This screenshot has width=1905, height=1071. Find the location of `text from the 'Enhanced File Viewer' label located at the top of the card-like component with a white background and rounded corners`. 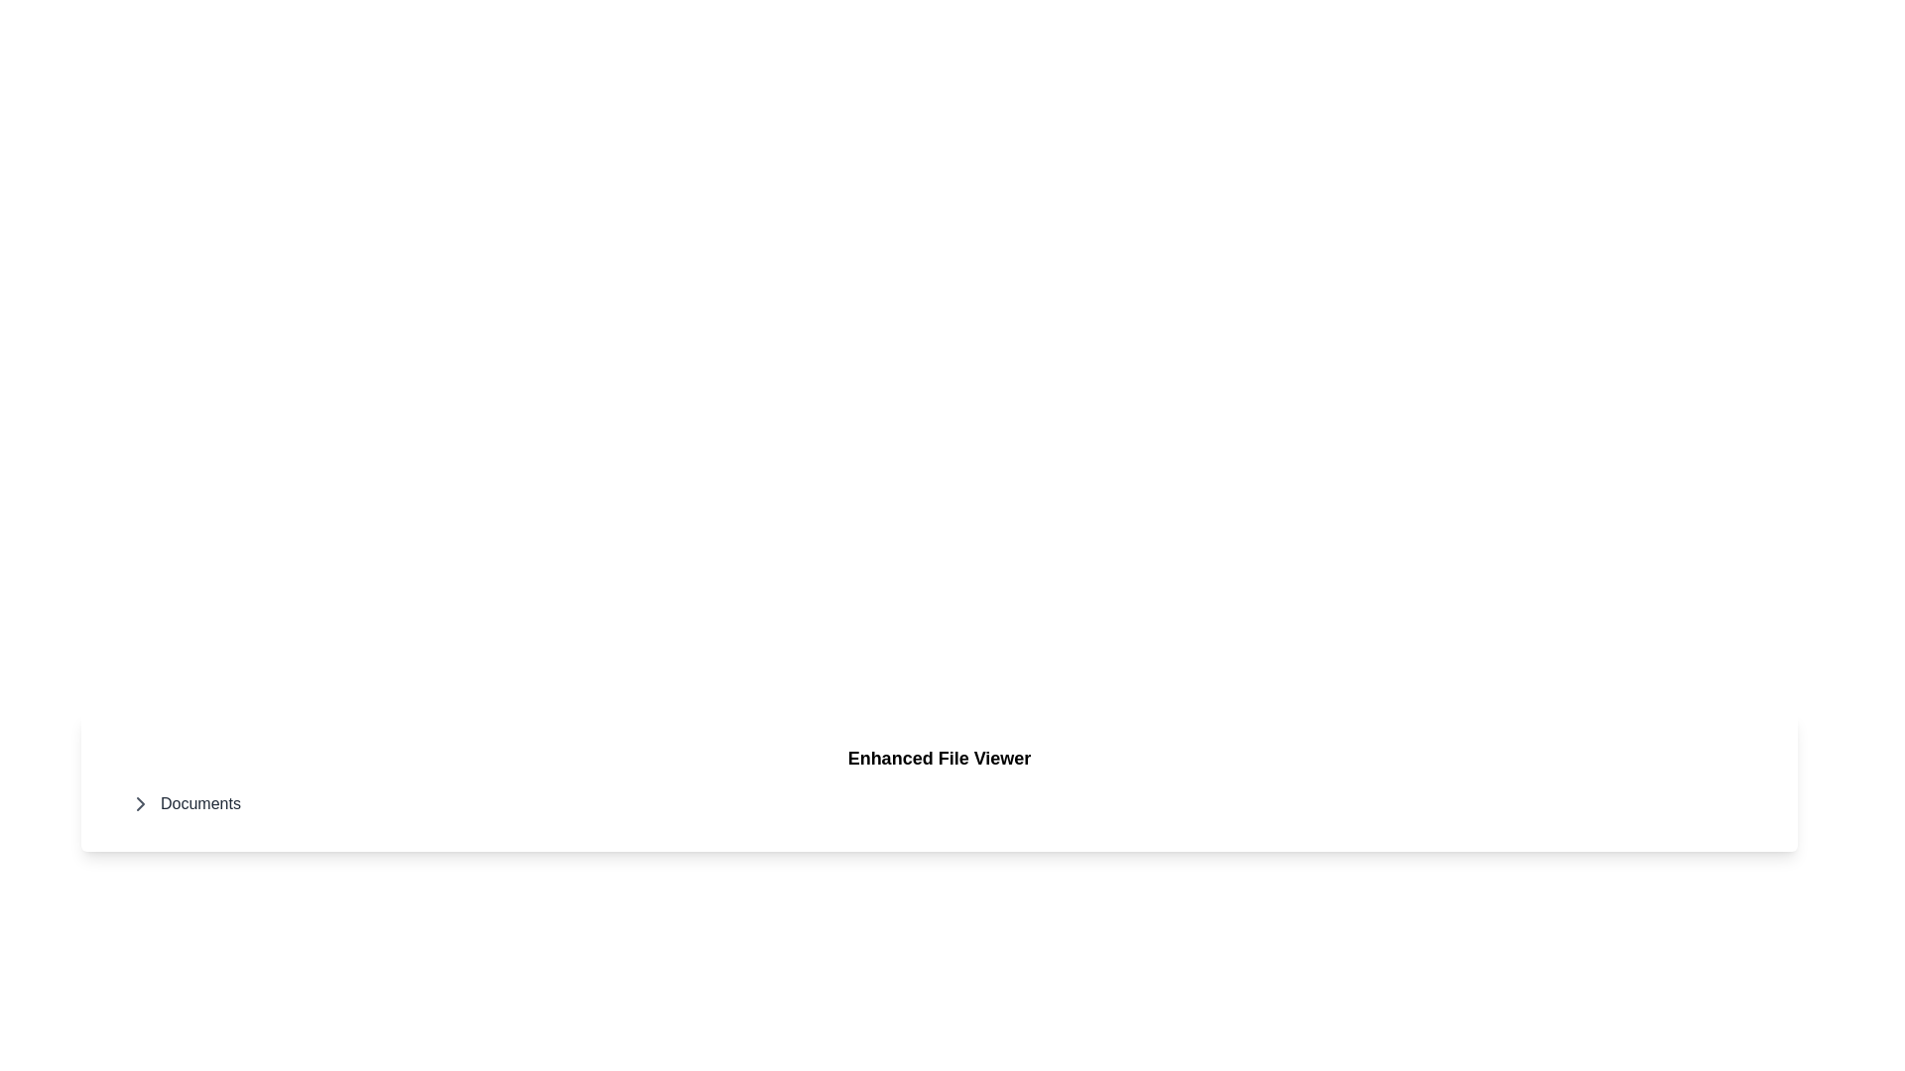

text from the 'Enhanced File Viewer' label located at the top of the card-like component with a white background and rounded corners is located at coordinates (938, 758).